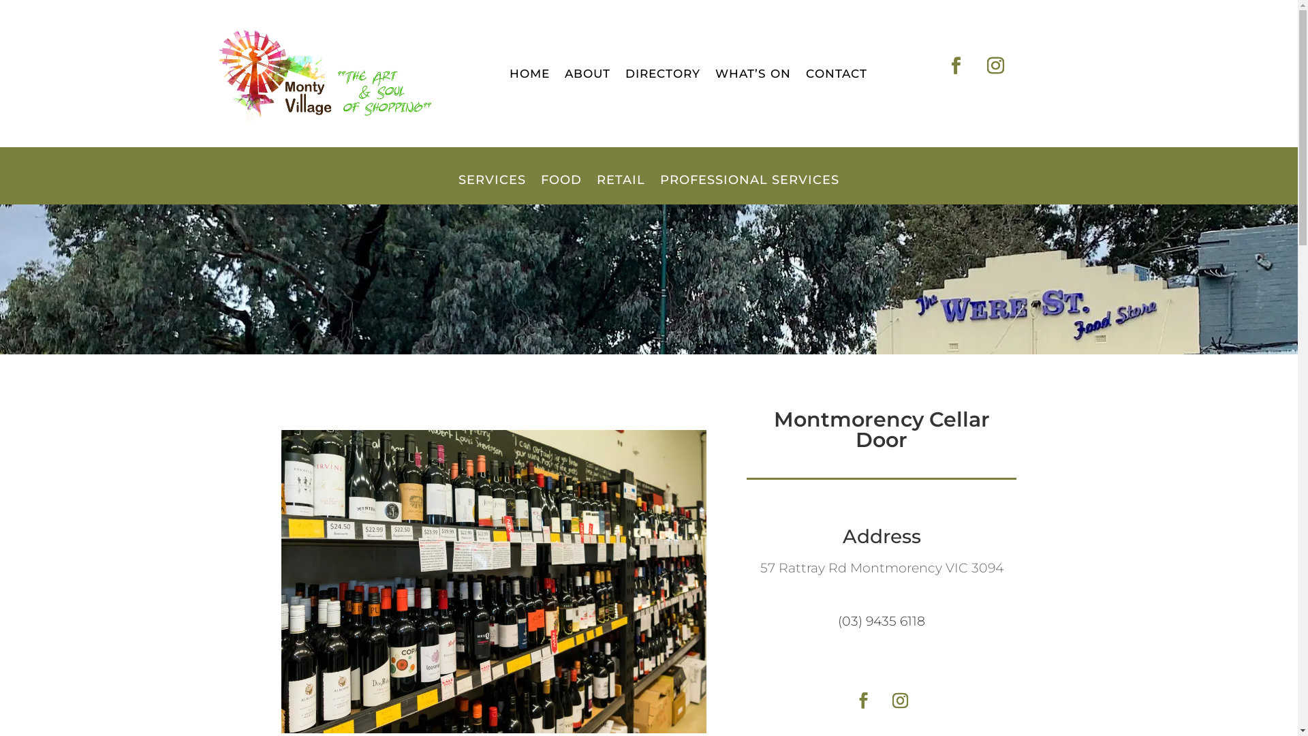  Describe the element at coordinates (491, 189) in the screenshot. I see `'SERVICES'` at that location.